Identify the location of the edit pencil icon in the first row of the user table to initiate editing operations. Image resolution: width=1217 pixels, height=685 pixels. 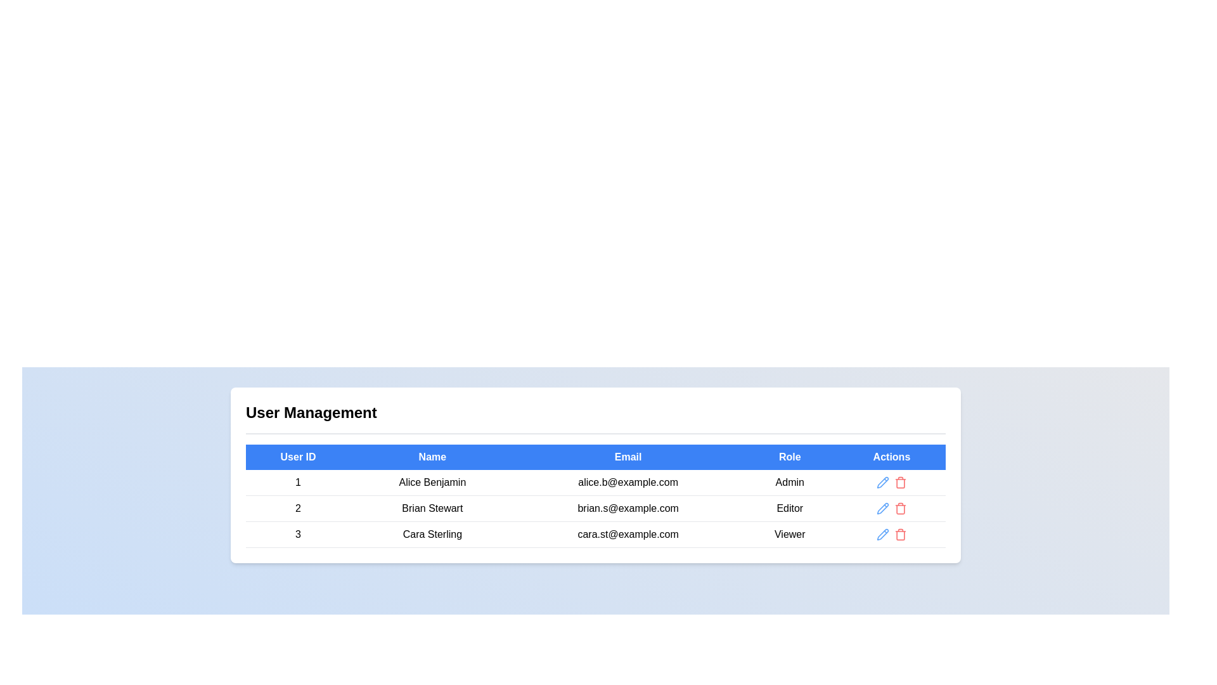
(882, 482).